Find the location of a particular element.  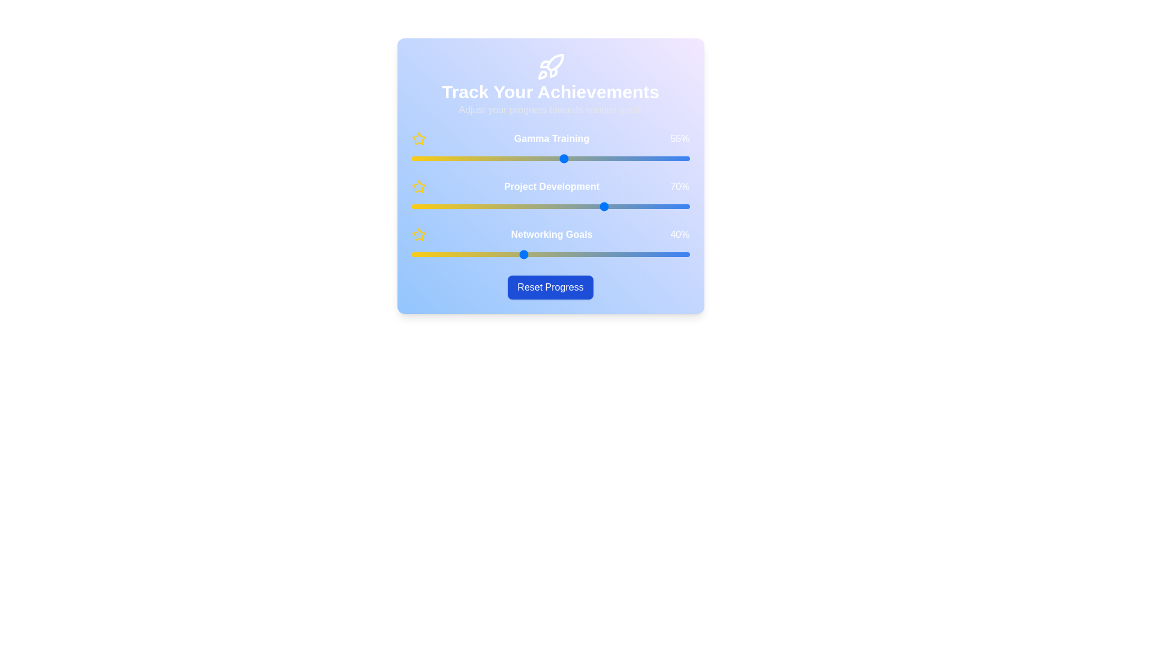

the 'Project Development' slider to 4% is located at coordinates (423, 205).